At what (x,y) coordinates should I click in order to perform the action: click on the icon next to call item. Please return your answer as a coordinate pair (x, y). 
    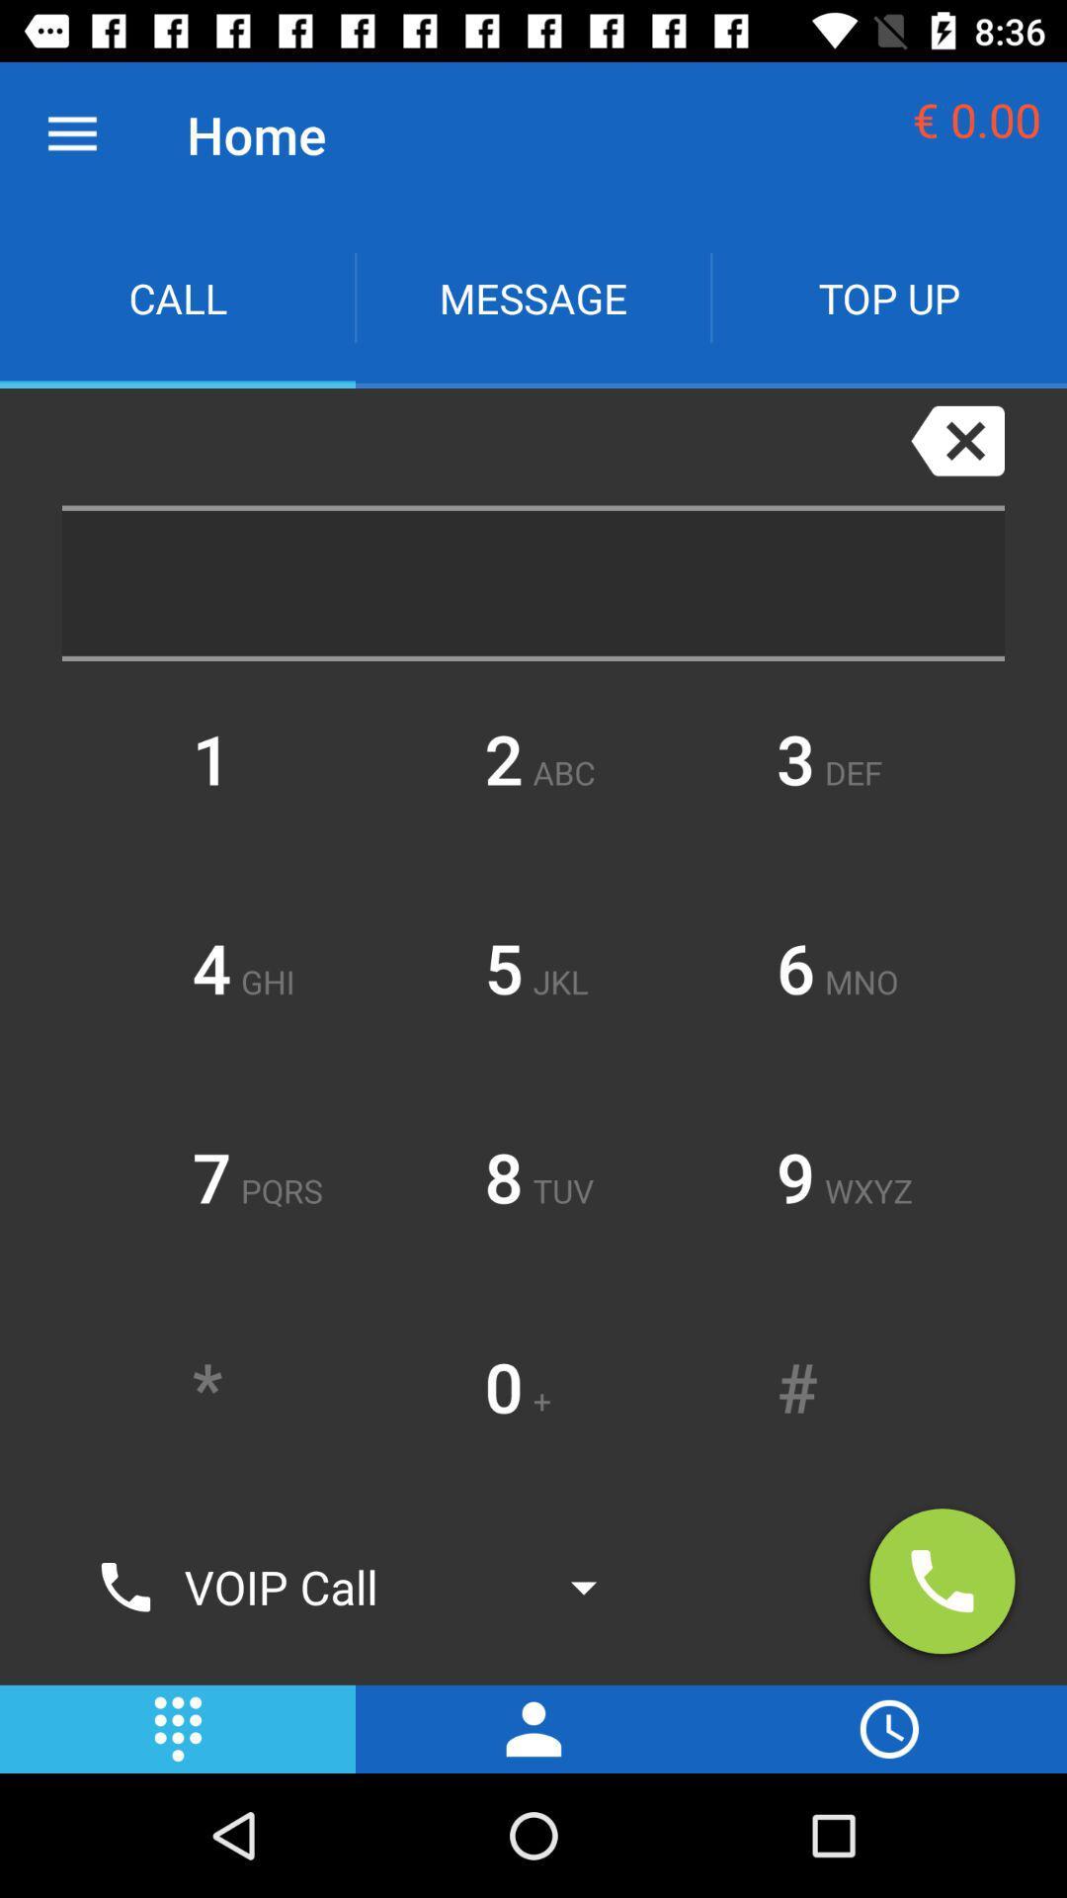
    Looking at the image, I should click on (533, 297).